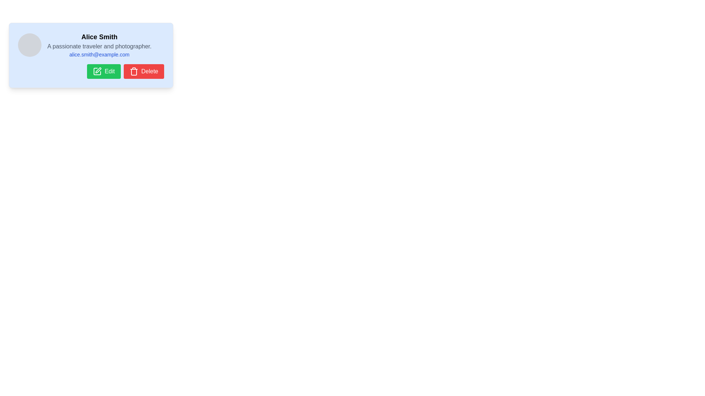 This screenshot has width=705, height=396. I want to click on the stroke-based icon resembling a stylized pen within the green button labeled 'Edit' that is adjacent to the red 'Delete' button, so click(98, 70).